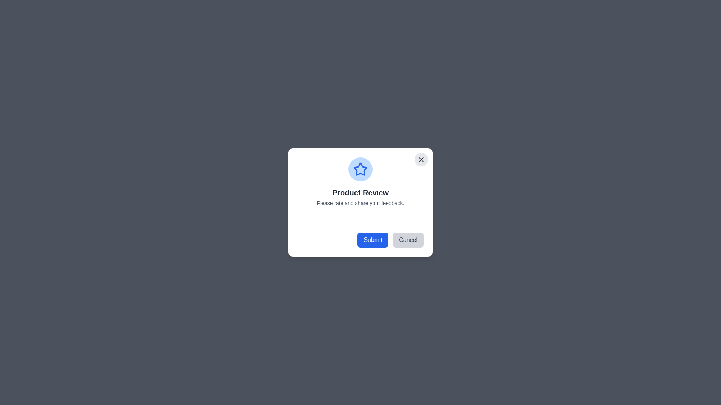 Image resolution: width=721 pixels, height=405 pixels. I want to click on the close button icon (X) located in the top-right corner of the modal dialog, so click(421, 159).